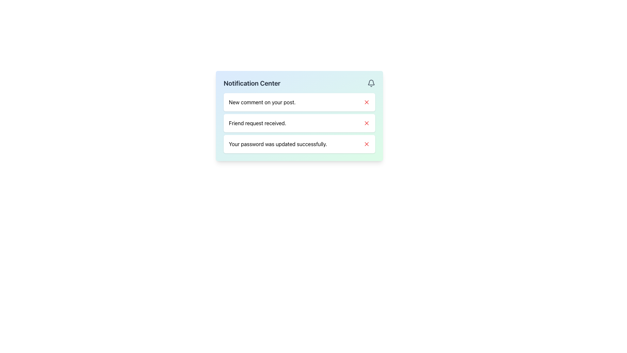 The image size is (627, 353). Describe the element at coordinates (252, 83) in the screenshot. I see `the 'Notification Center' text label, which is displayed in bold font on a light background, located at the top of a card-like panel` at that location.